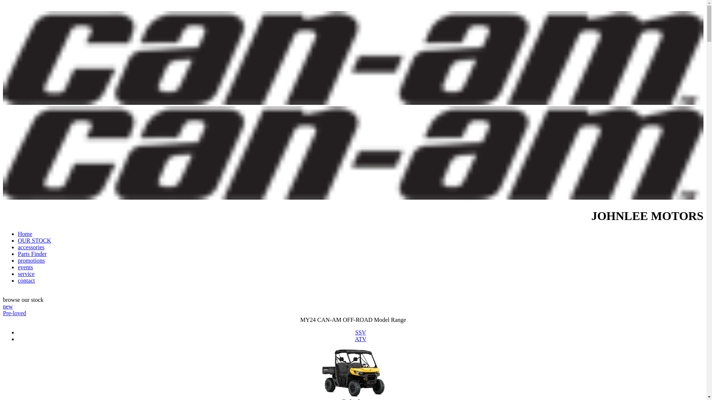 This screenshot has width=712, height=400. What do you see at coordinates (25, 267) in the screenshot?
I see `'events'` at bounding box center [25, 267].